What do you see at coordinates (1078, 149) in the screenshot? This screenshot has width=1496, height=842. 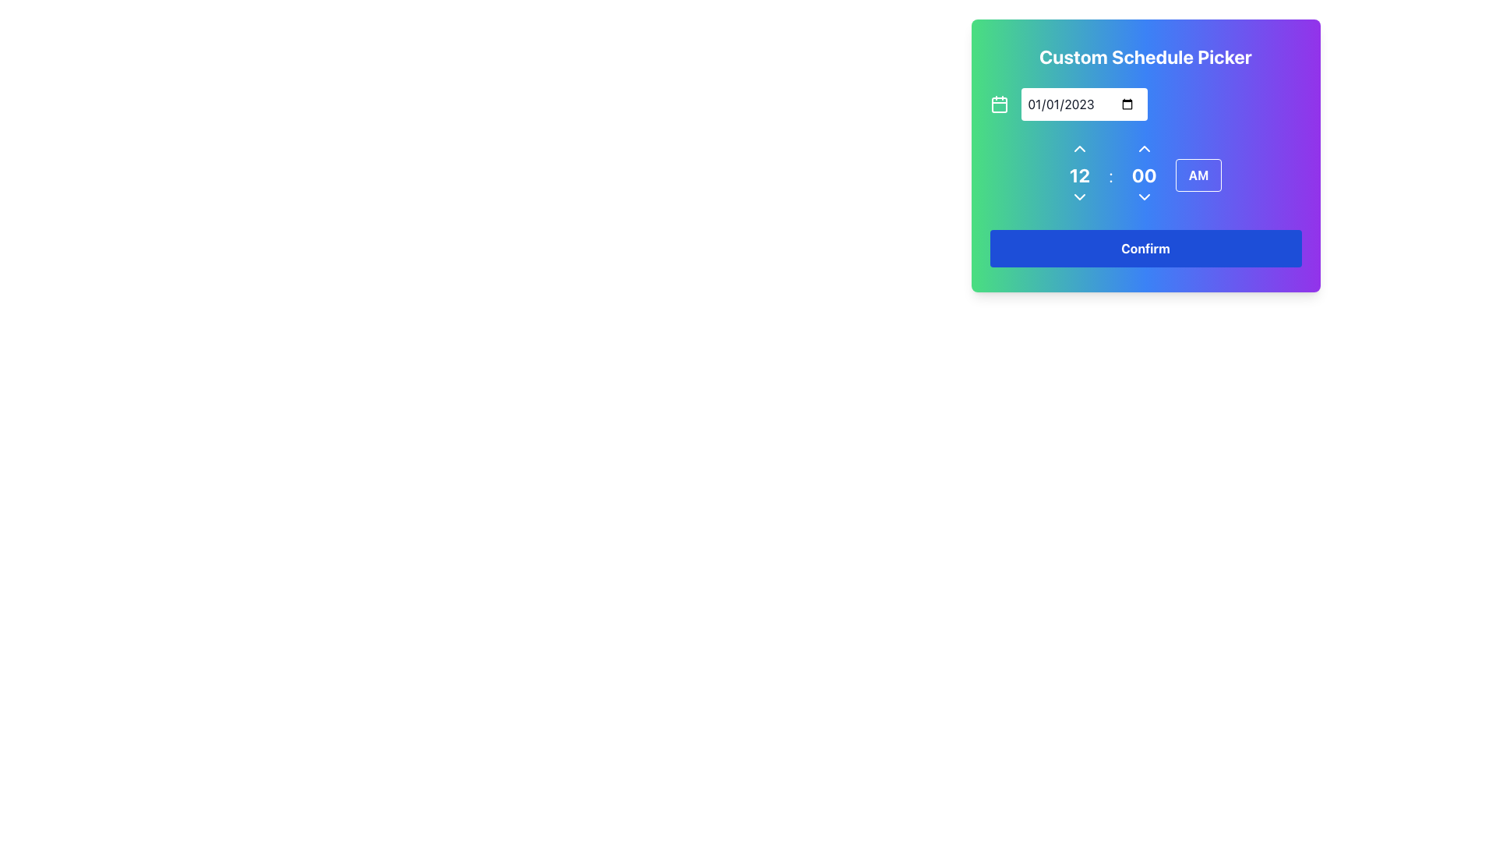 I see `the increment button located directly above the numeric value '12' in the time selection area of the schedule picker interface to increase the hour value` at bounding box center [1078, 149].